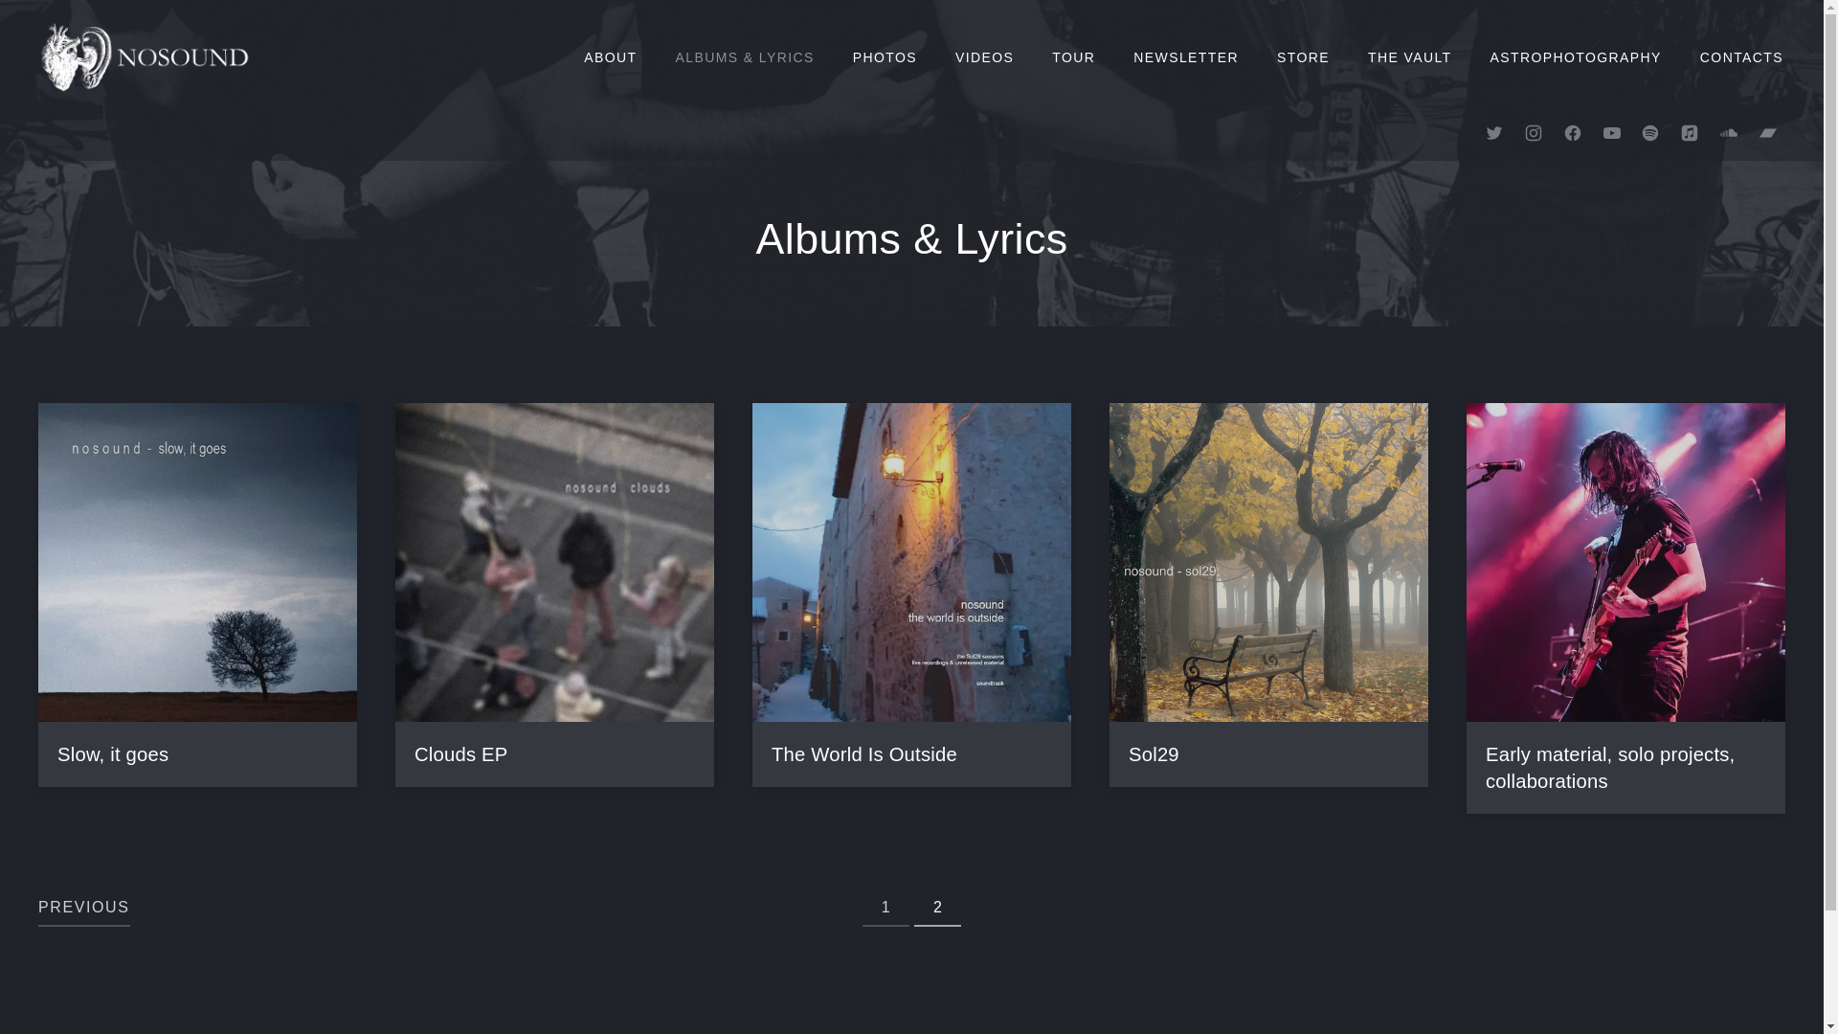  Describe the element at coordinates (1728, 131) in the screenshot. I see `'New Window'` at that location.